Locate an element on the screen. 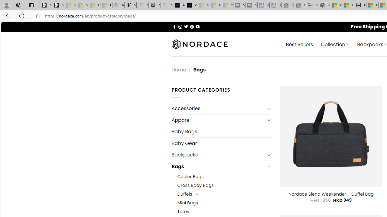  ' Best Sellers' is located at coordinates (299, 44).